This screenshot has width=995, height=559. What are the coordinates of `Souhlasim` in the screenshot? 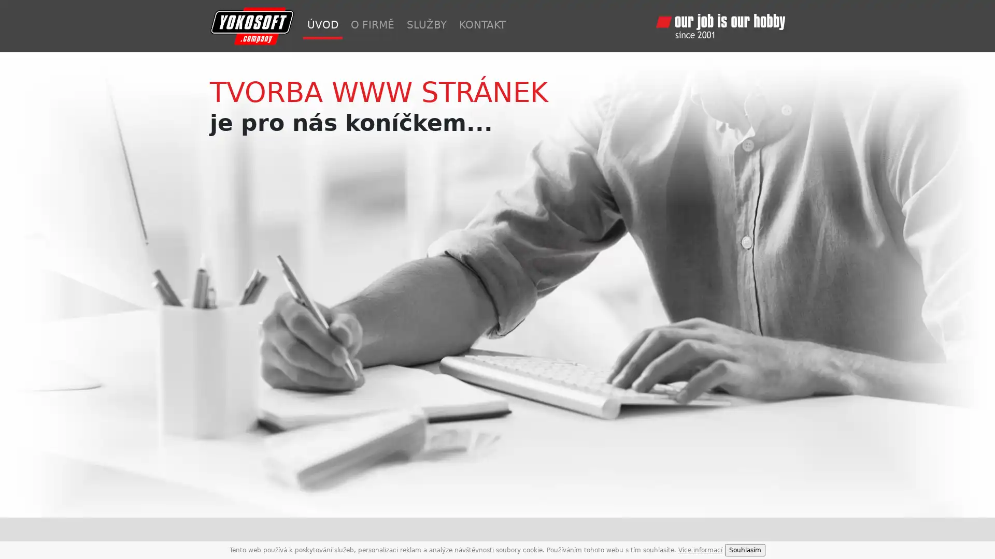 It's located at (745, 550).